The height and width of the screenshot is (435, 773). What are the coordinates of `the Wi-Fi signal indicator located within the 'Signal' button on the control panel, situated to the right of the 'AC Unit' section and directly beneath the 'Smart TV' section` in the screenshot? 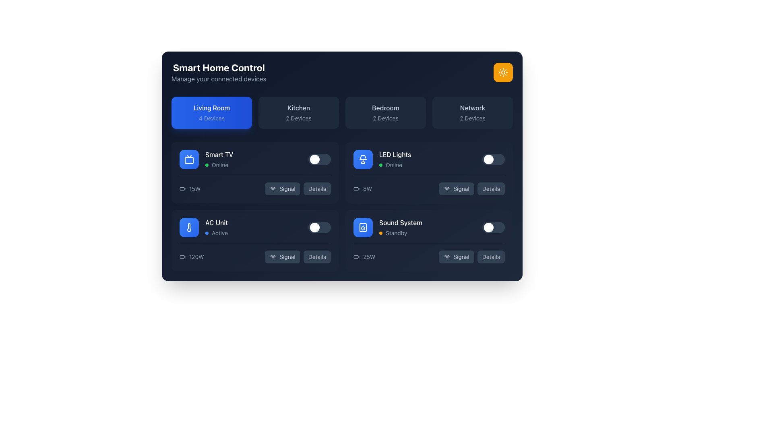 It's located at (273, 189).